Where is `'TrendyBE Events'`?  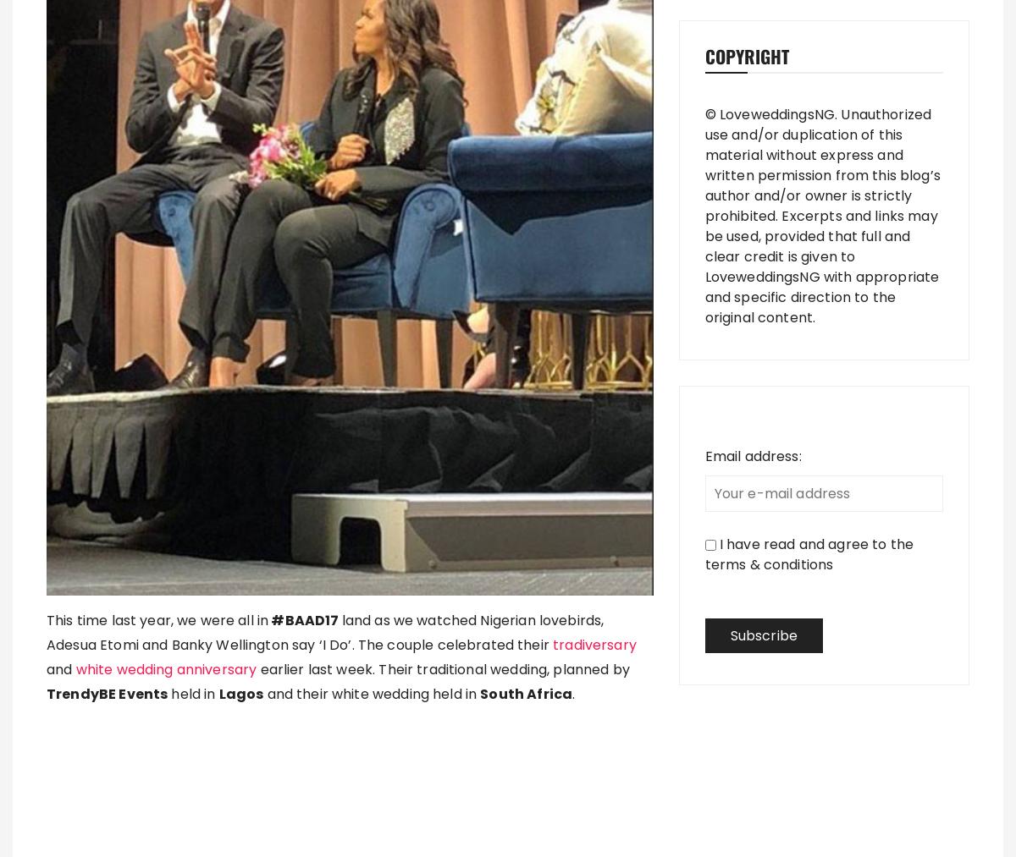
'TrendyBE Events' is located at coordinates (107, 692).